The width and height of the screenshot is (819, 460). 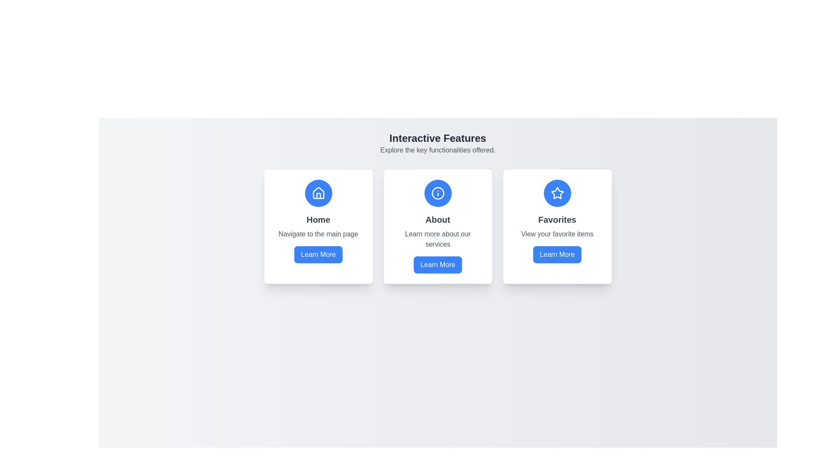 I want to click on the text label that contains the text 'Navigate to the main page', which is styled with a centered alignment in gray font and is positioned between the 'Home' title and the 'Learn More' button, so click(x=318, y=234).